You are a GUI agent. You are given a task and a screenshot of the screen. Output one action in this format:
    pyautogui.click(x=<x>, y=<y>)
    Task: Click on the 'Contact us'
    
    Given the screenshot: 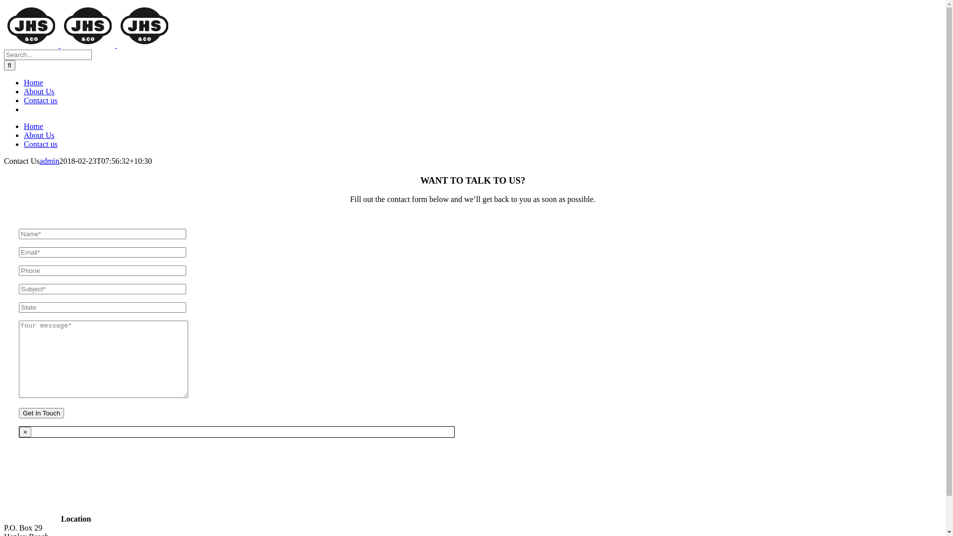 What is the action you would take?
    pyautogui.click(x=24, y=144)
    